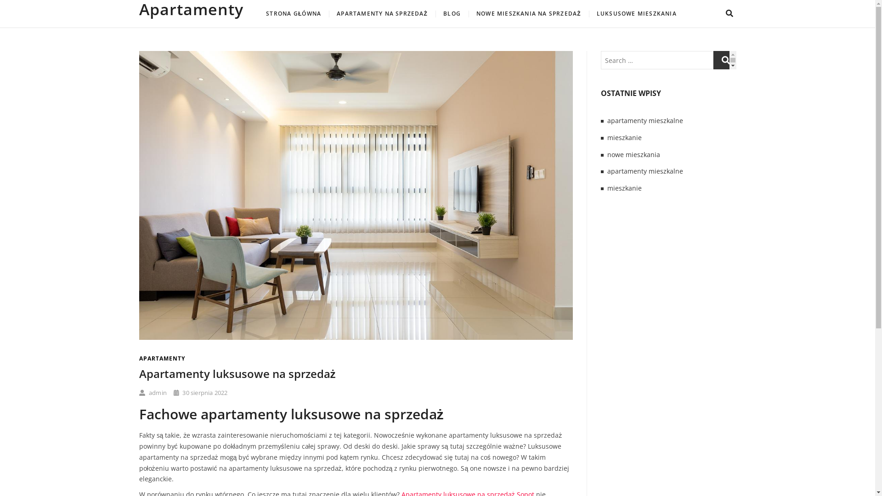 The image size is (882, 496). What do you see at coordinates (161, 358) in the screenshot?
I see `'APARTAMENTY'` at bounding box center [161, 358].